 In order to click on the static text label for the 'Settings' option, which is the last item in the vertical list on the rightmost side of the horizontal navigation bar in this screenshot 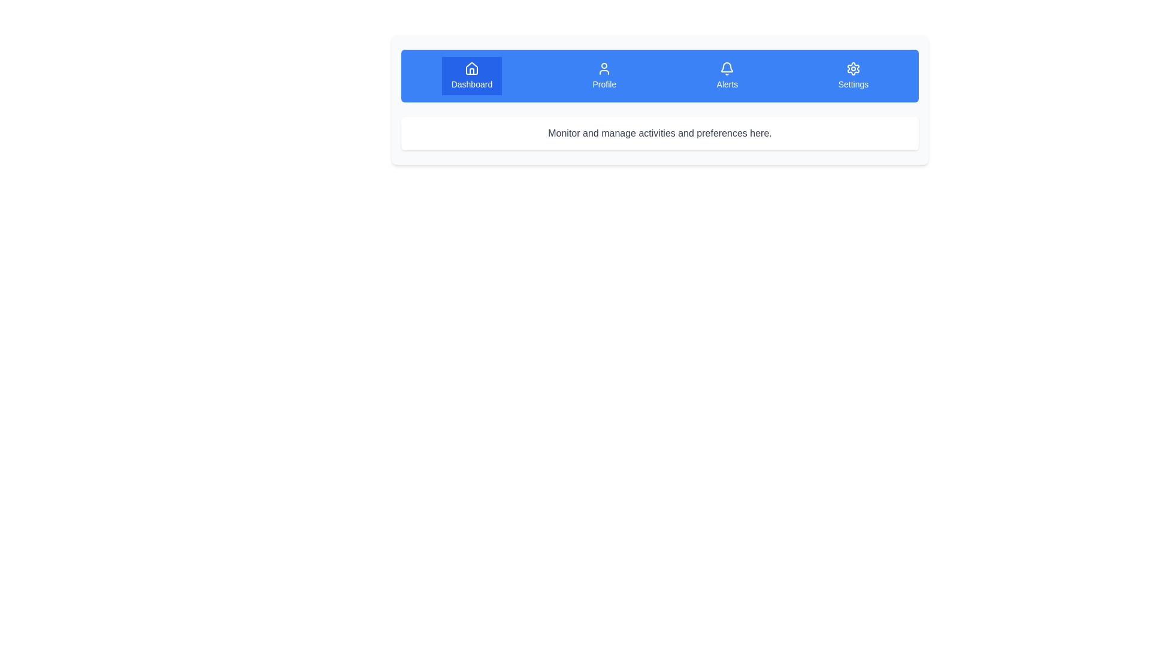, I will do `click(853, 84)`.